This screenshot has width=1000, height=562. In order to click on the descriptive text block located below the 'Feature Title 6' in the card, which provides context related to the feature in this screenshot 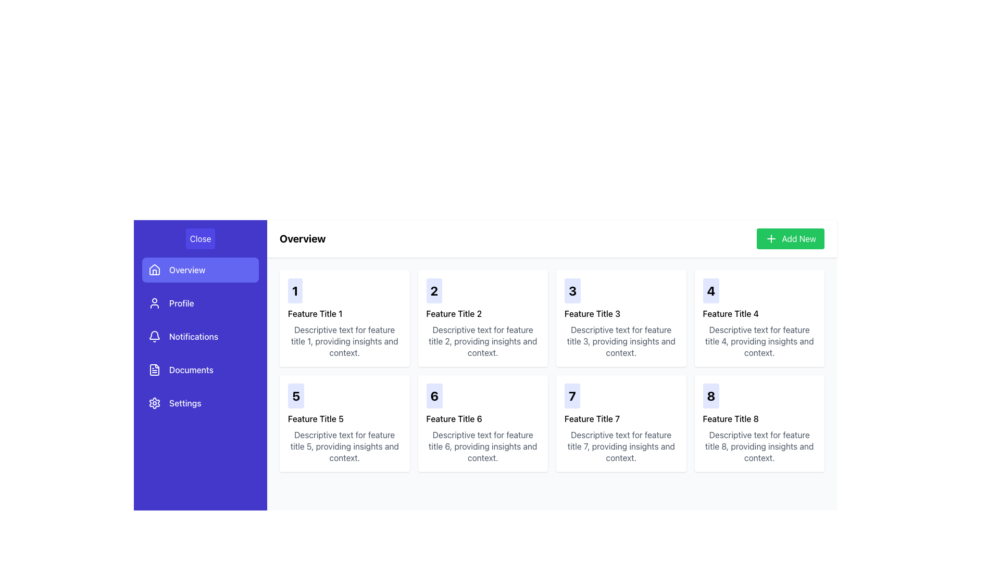, I will do `click(482, 445)`.